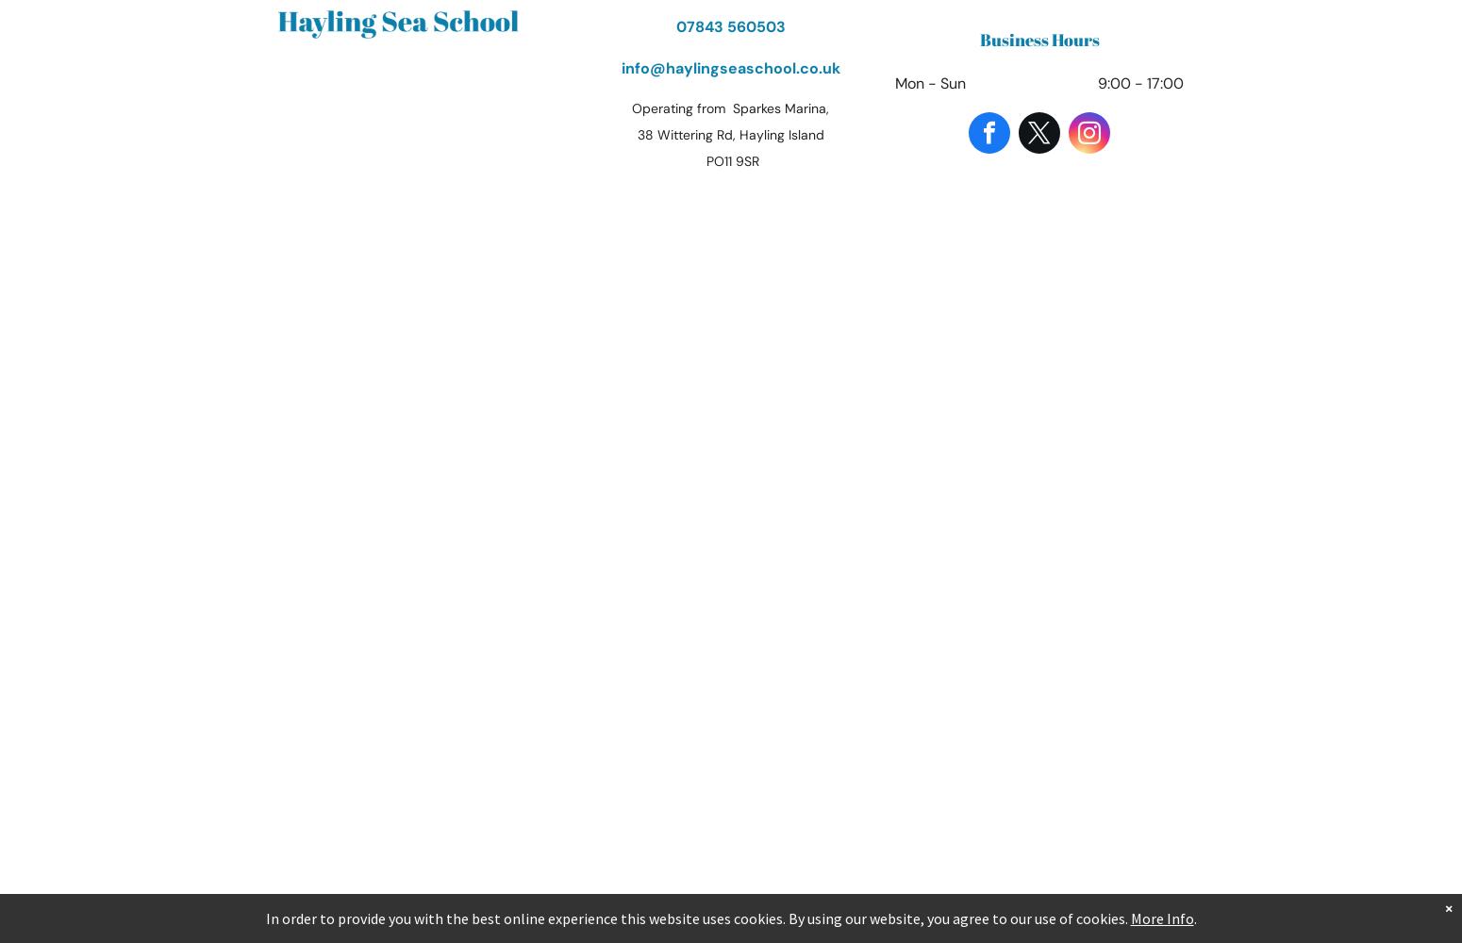 The width and height of the screenshot is (1462, 943). I want to click on '.', so click(1193, 918).